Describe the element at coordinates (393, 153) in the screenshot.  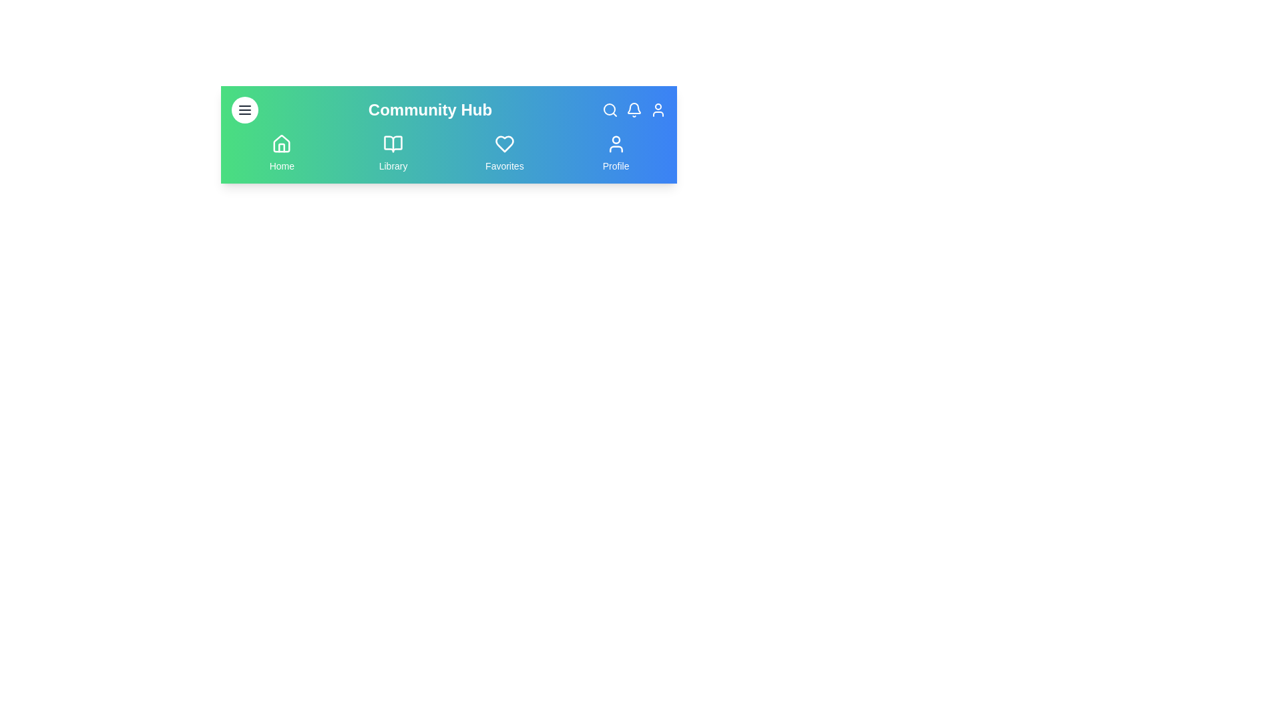
I see `the navigation menu item Library` at that location.